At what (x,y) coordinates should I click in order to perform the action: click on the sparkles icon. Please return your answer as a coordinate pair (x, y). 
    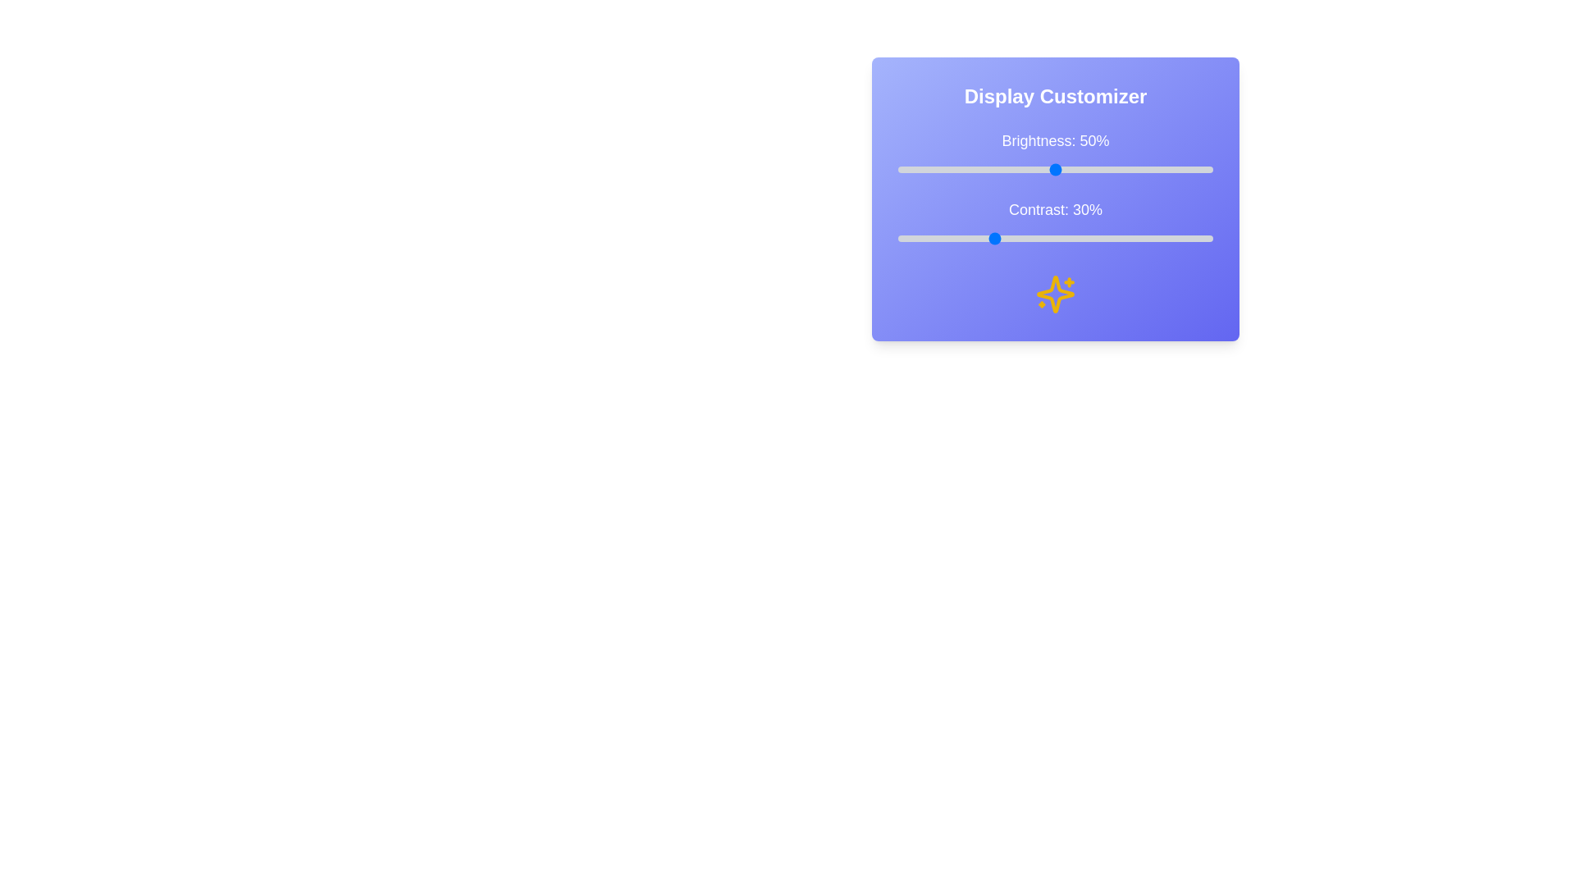
    Looking at the image, I should click on (1055, 293).